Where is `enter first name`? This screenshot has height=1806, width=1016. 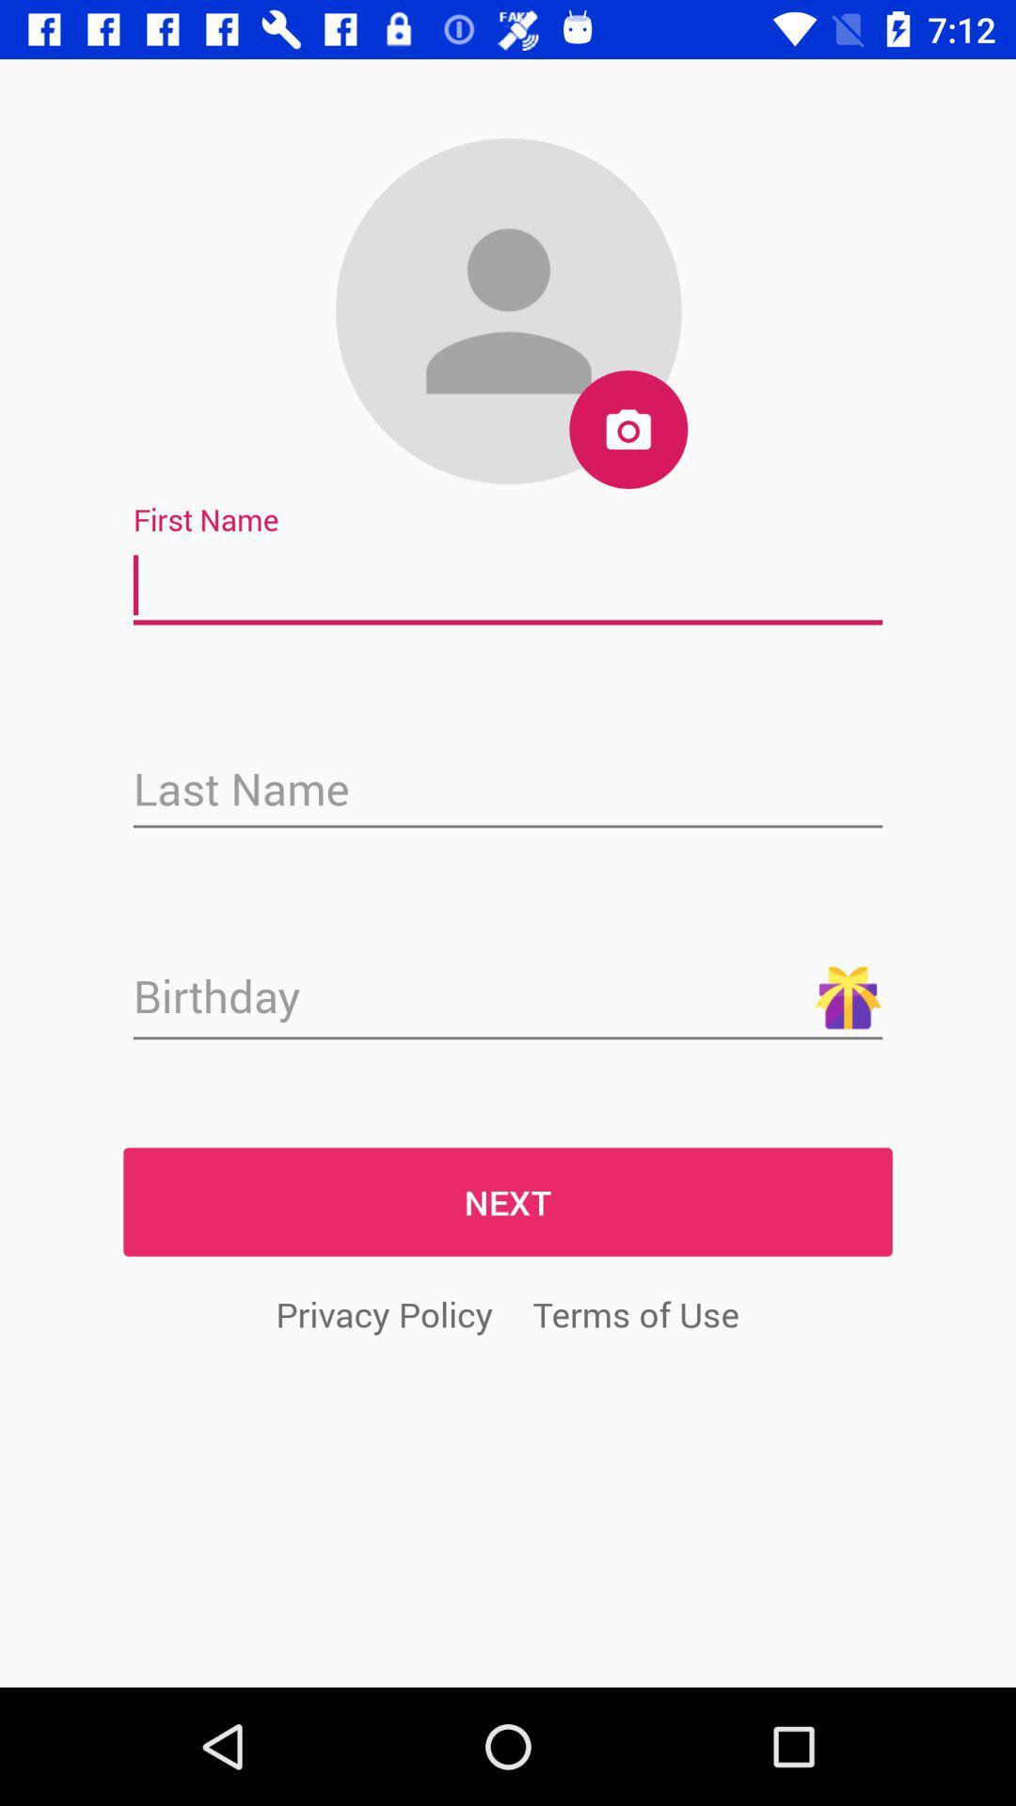
enter first name is located at coordinates (508, 585).